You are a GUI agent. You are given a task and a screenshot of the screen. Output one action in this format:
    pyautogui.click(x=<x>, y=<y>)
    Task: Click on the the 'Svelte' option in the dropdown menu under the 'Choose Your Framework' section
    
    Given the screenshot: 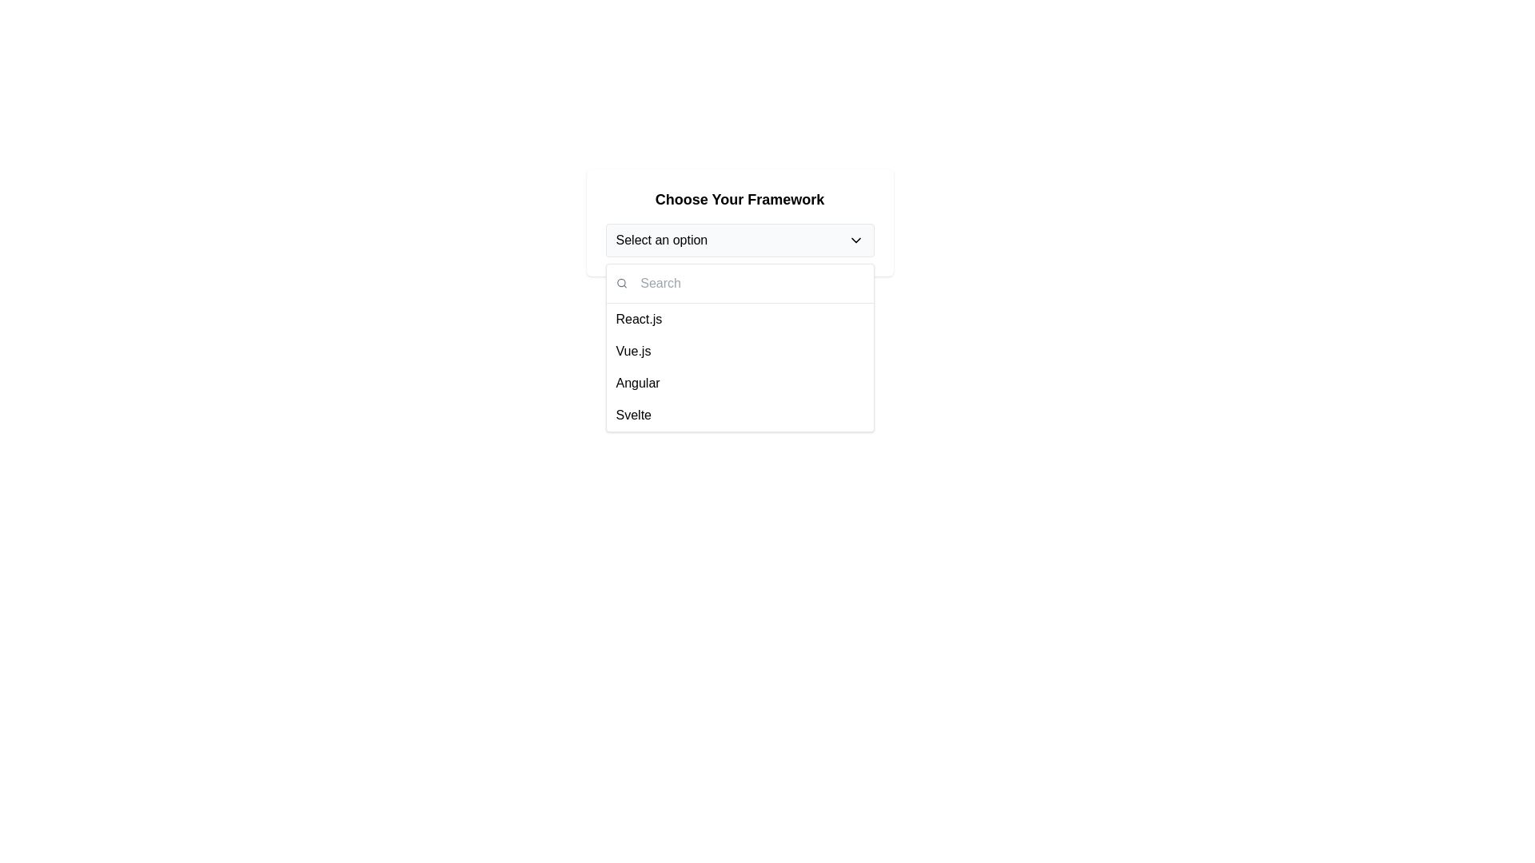 What is the action you would take?
    pyautogui.click(x=632, y=415)
    